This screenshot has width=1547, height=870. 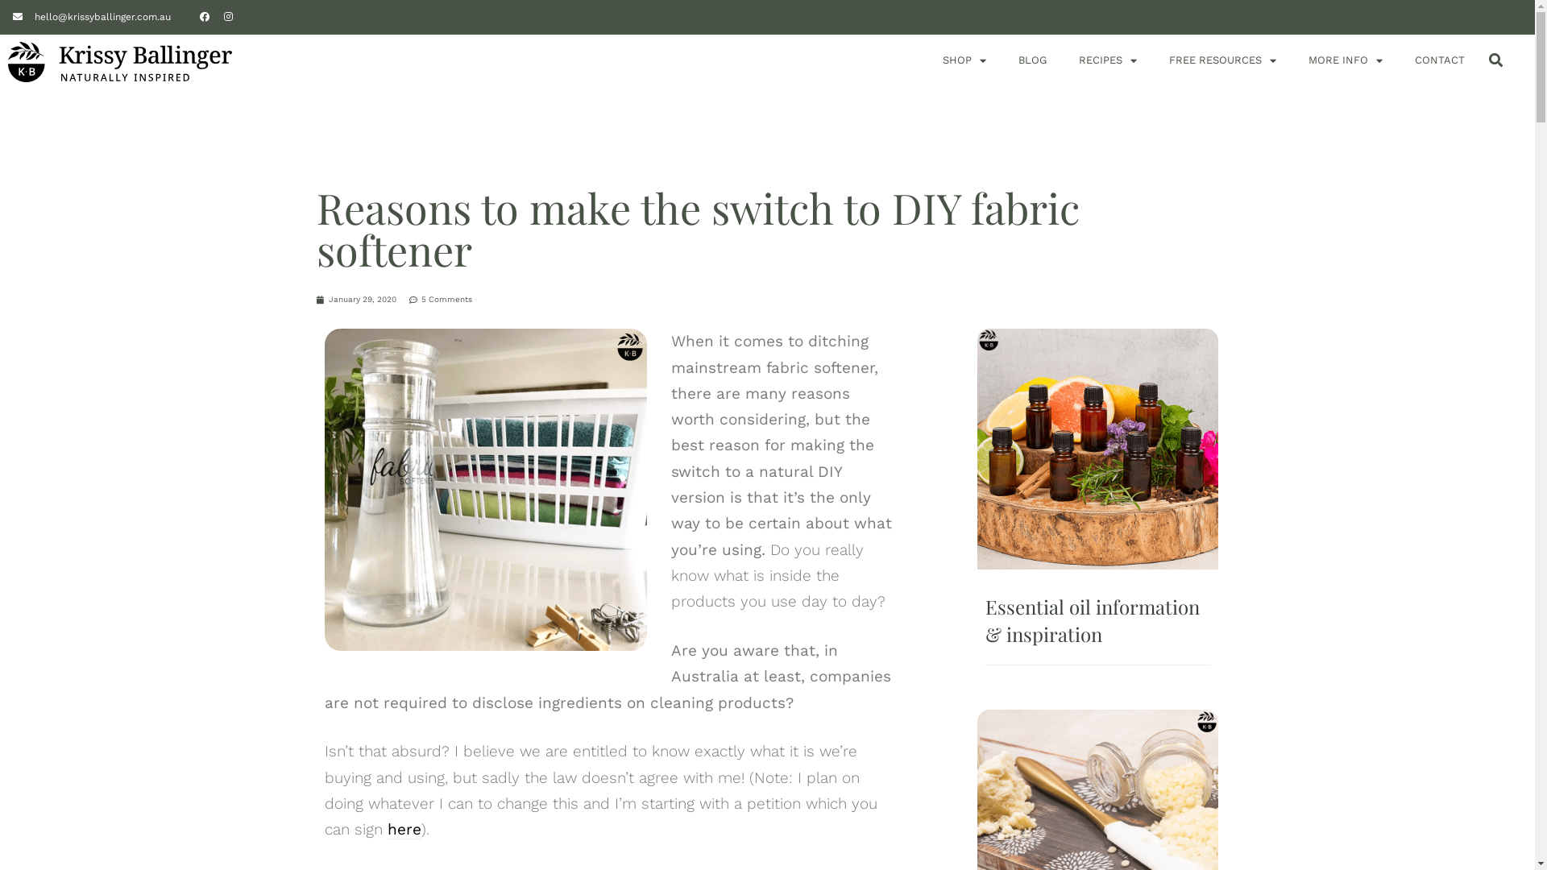 I want to click on 'SHOP', so click(x=964, y=59).